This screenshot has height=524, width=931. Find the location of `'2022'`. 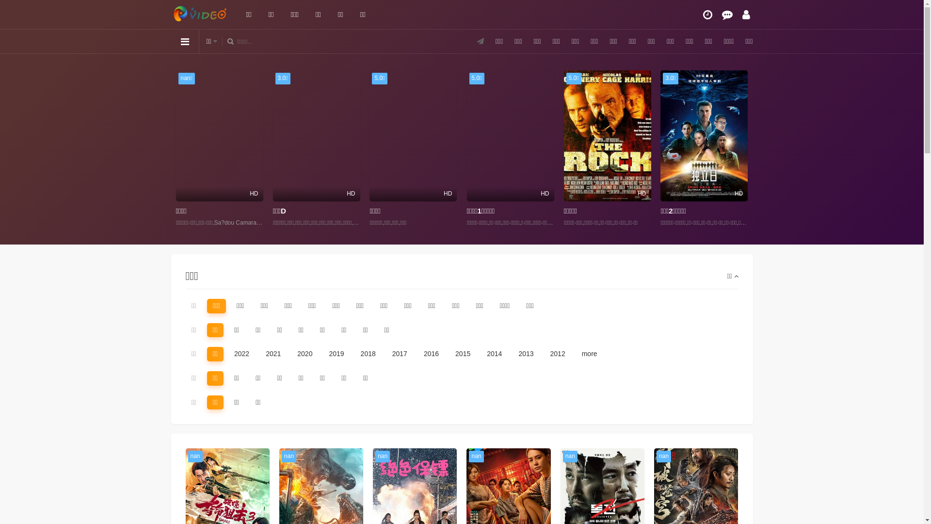

'2022' is located at coordinates (241, 354).